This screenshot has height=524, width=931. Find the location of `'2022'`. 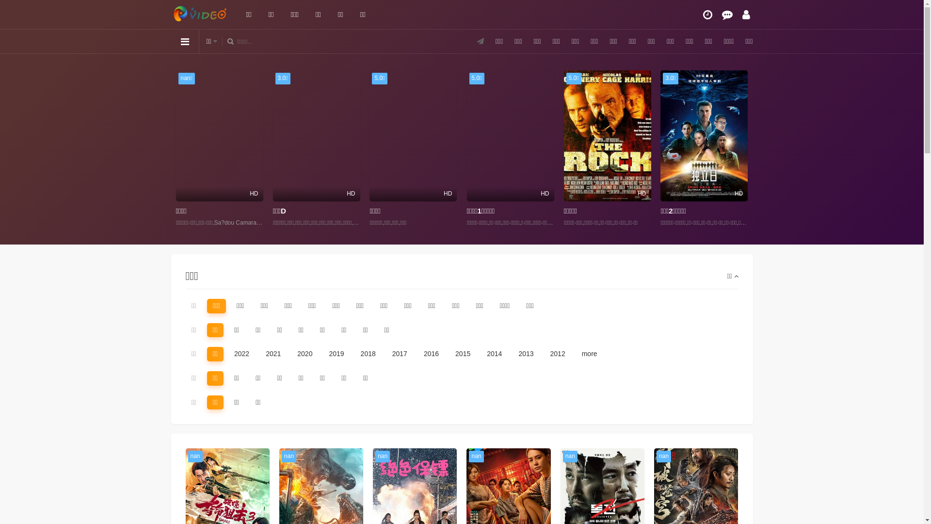

'2022' is located at coordinates (241, 354).